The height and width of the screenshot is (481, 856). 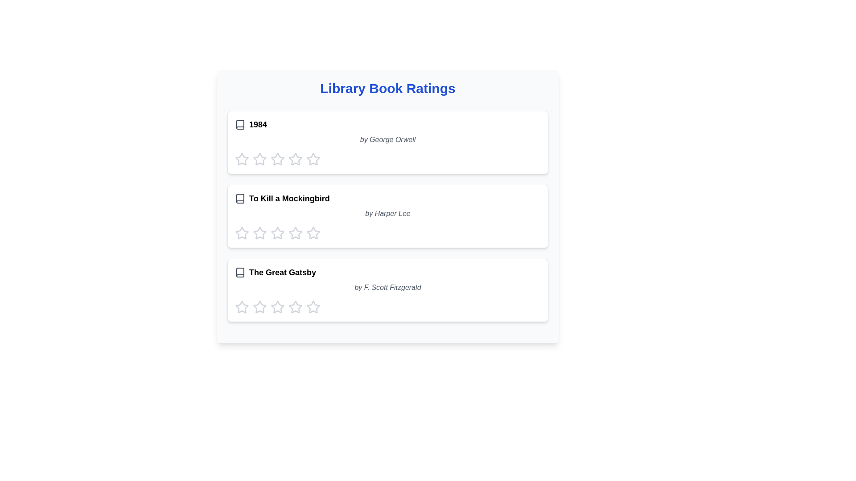 What do you see at coordinates (242, 306) in the screenshot?
I see `the first star icon in the rating system to provide a one-star rating for the book 'The Great Gatsby.'` at bounding box center [242, 306].